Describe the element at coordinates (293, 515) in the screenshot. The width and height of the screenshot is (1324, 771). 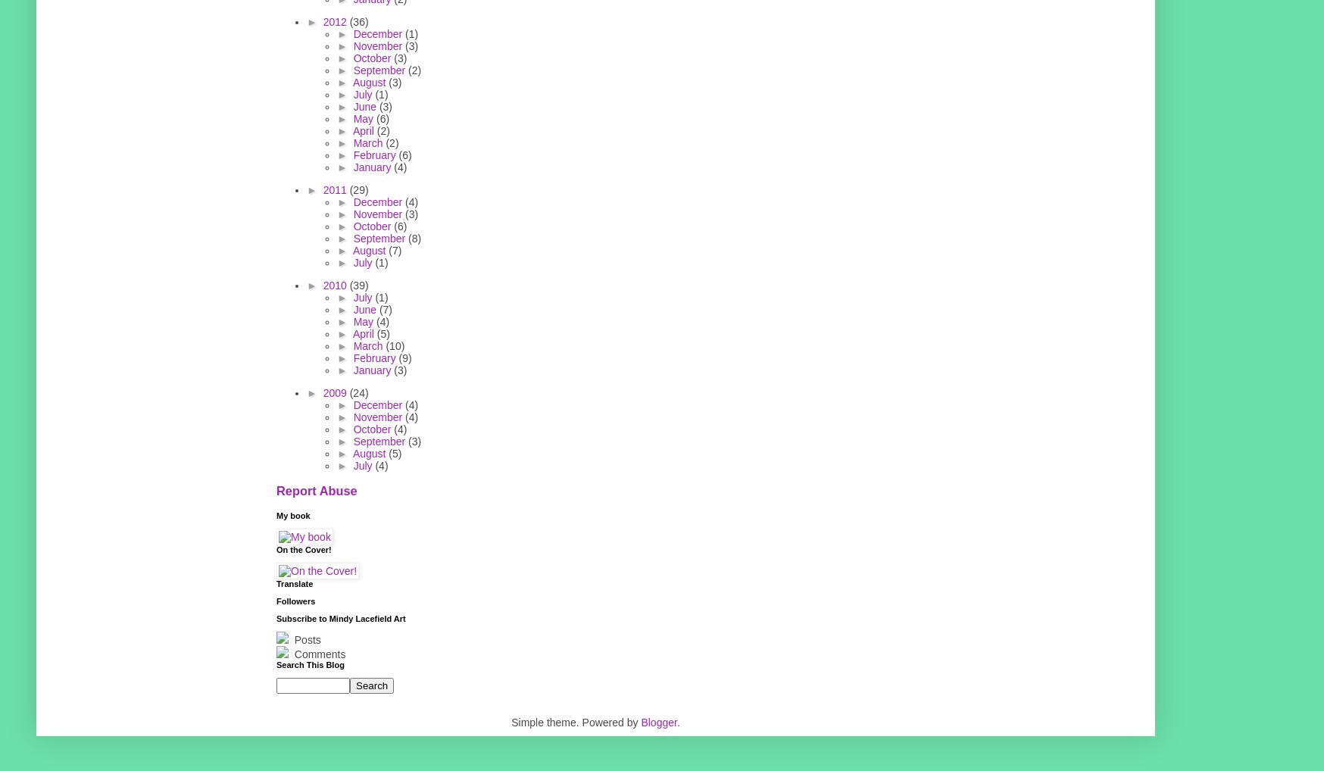
I see `'My book'` at that location.